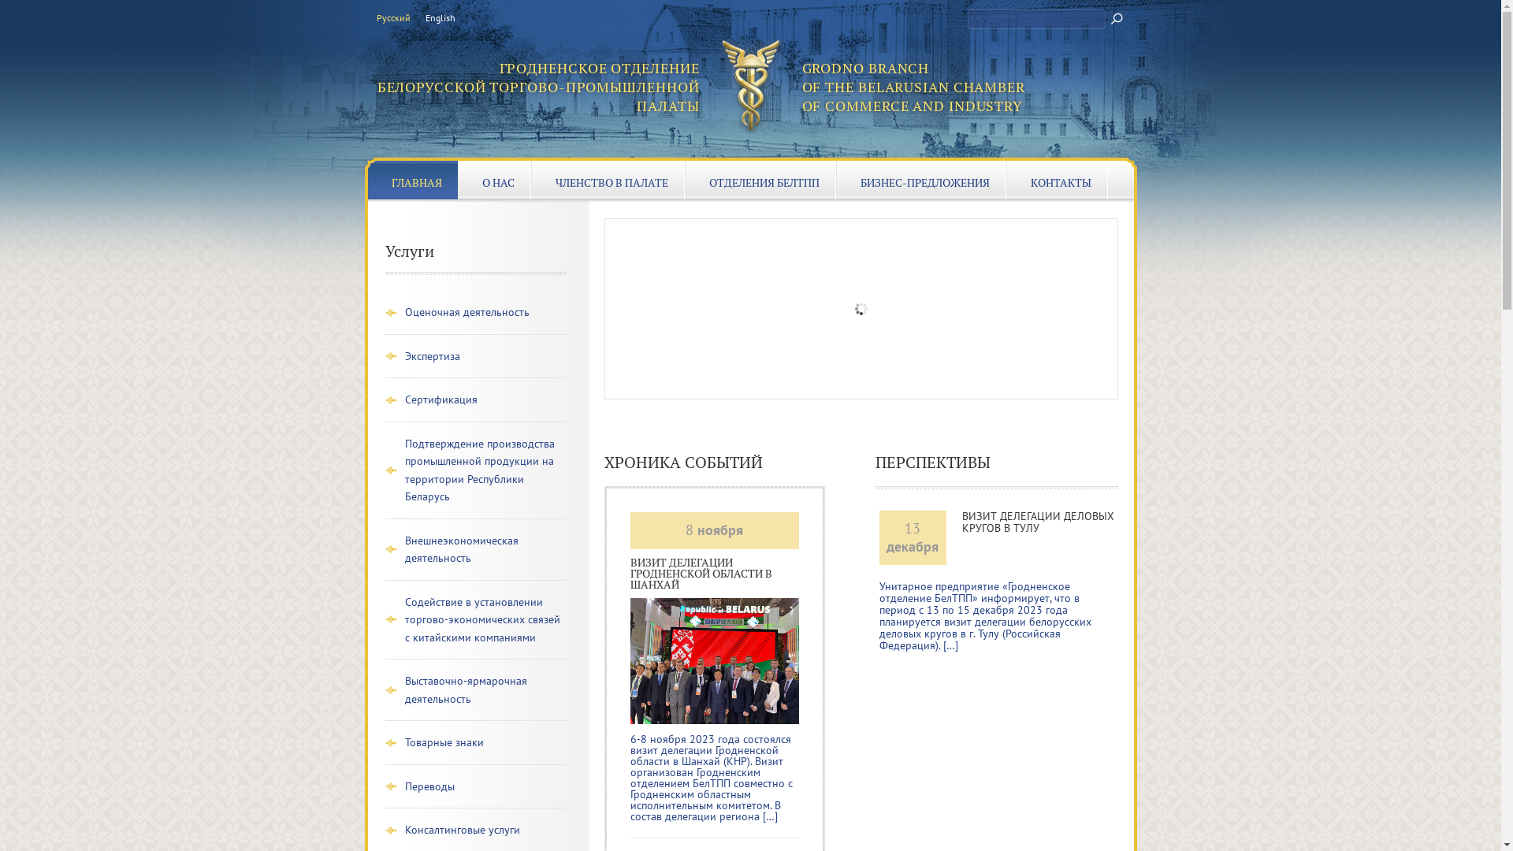  I want to click on 'English', so click(425, 18).